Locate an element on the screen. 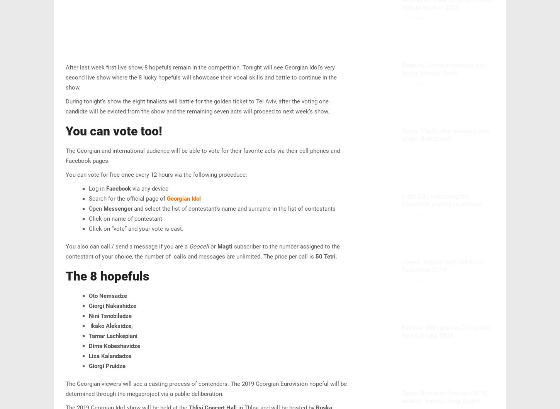 The width and height of the screenshot is (560, 409). 'Click on “vote” and your vote is cast.' is located at coordinates (136, 228).